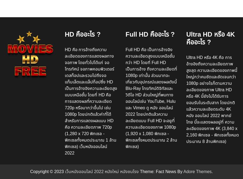 The image size is (243, 179). I want to click on 'Copyright © 2023', so click(47, 171).